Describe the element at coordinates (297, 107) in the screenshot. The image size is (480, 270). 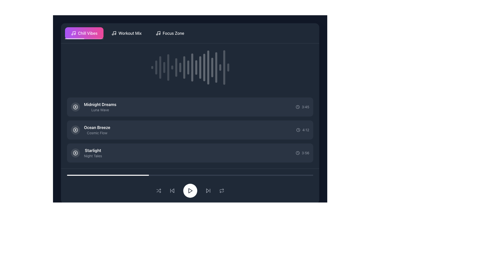
I see `the icon that signifies the time duration associated with the song 'Midnight Dreams', located to the left of the text '3:45'` at that location.